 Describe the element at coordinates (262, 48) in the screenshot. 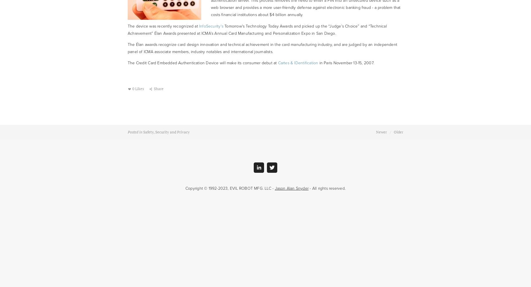

I see `'The Élan awards recognize card design innovation and technical achievement in the card manufacturing industry, and are judged by an independent panel of ICMA associate members, industry notables and international journalists.'` at that location.